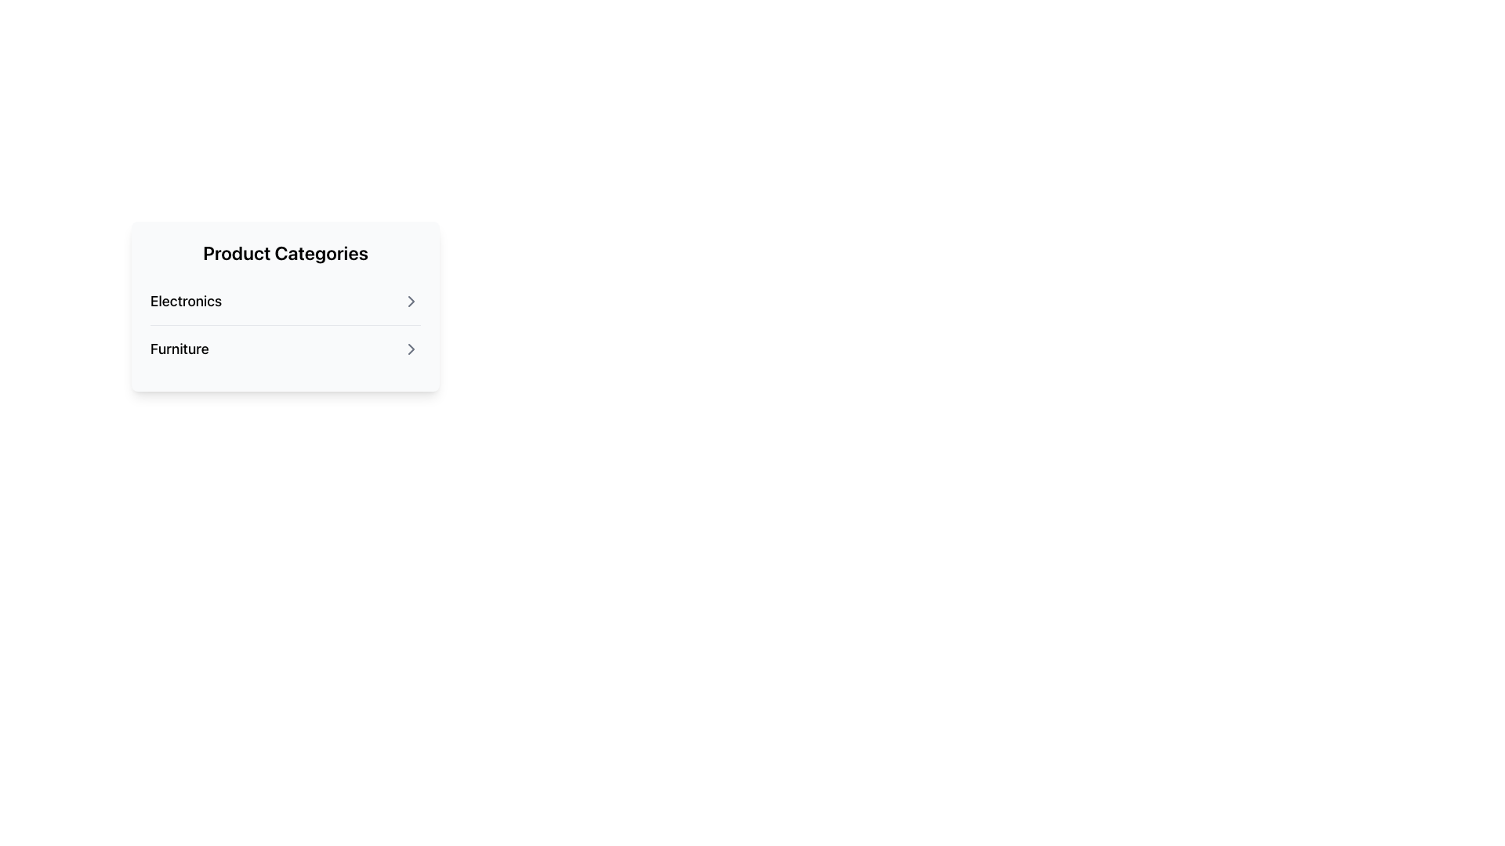 The width and height of the screenshot is (1505, 846). What do you see at coordinates (411, 302) in the screenshot?
I see `the chevron-shaped arrow button located immediately to the right of the 'Electronics' label in the 'Product Categories' section` at bounding box center [411, 302].